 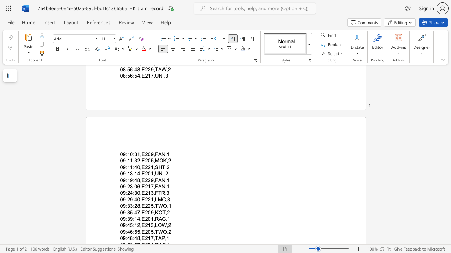 I want to click on the subset text "LO" within the text "09:45:12,E213,LOW,2", so click(x=154, y=225).